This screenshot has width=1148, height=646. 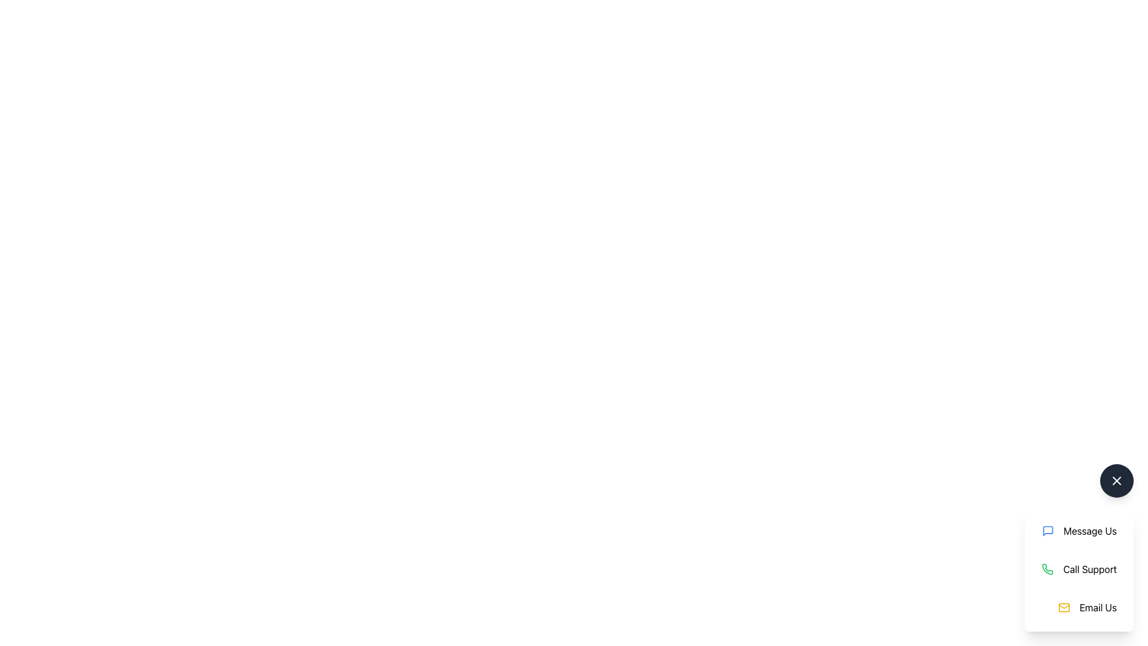 What do you see at coordinates (1079, 530) in the screenshot?
I see `the 'Message Us' button, which is the first option in a vertical list on the lower right corner of the interface` at bounding box center [1079, 530].